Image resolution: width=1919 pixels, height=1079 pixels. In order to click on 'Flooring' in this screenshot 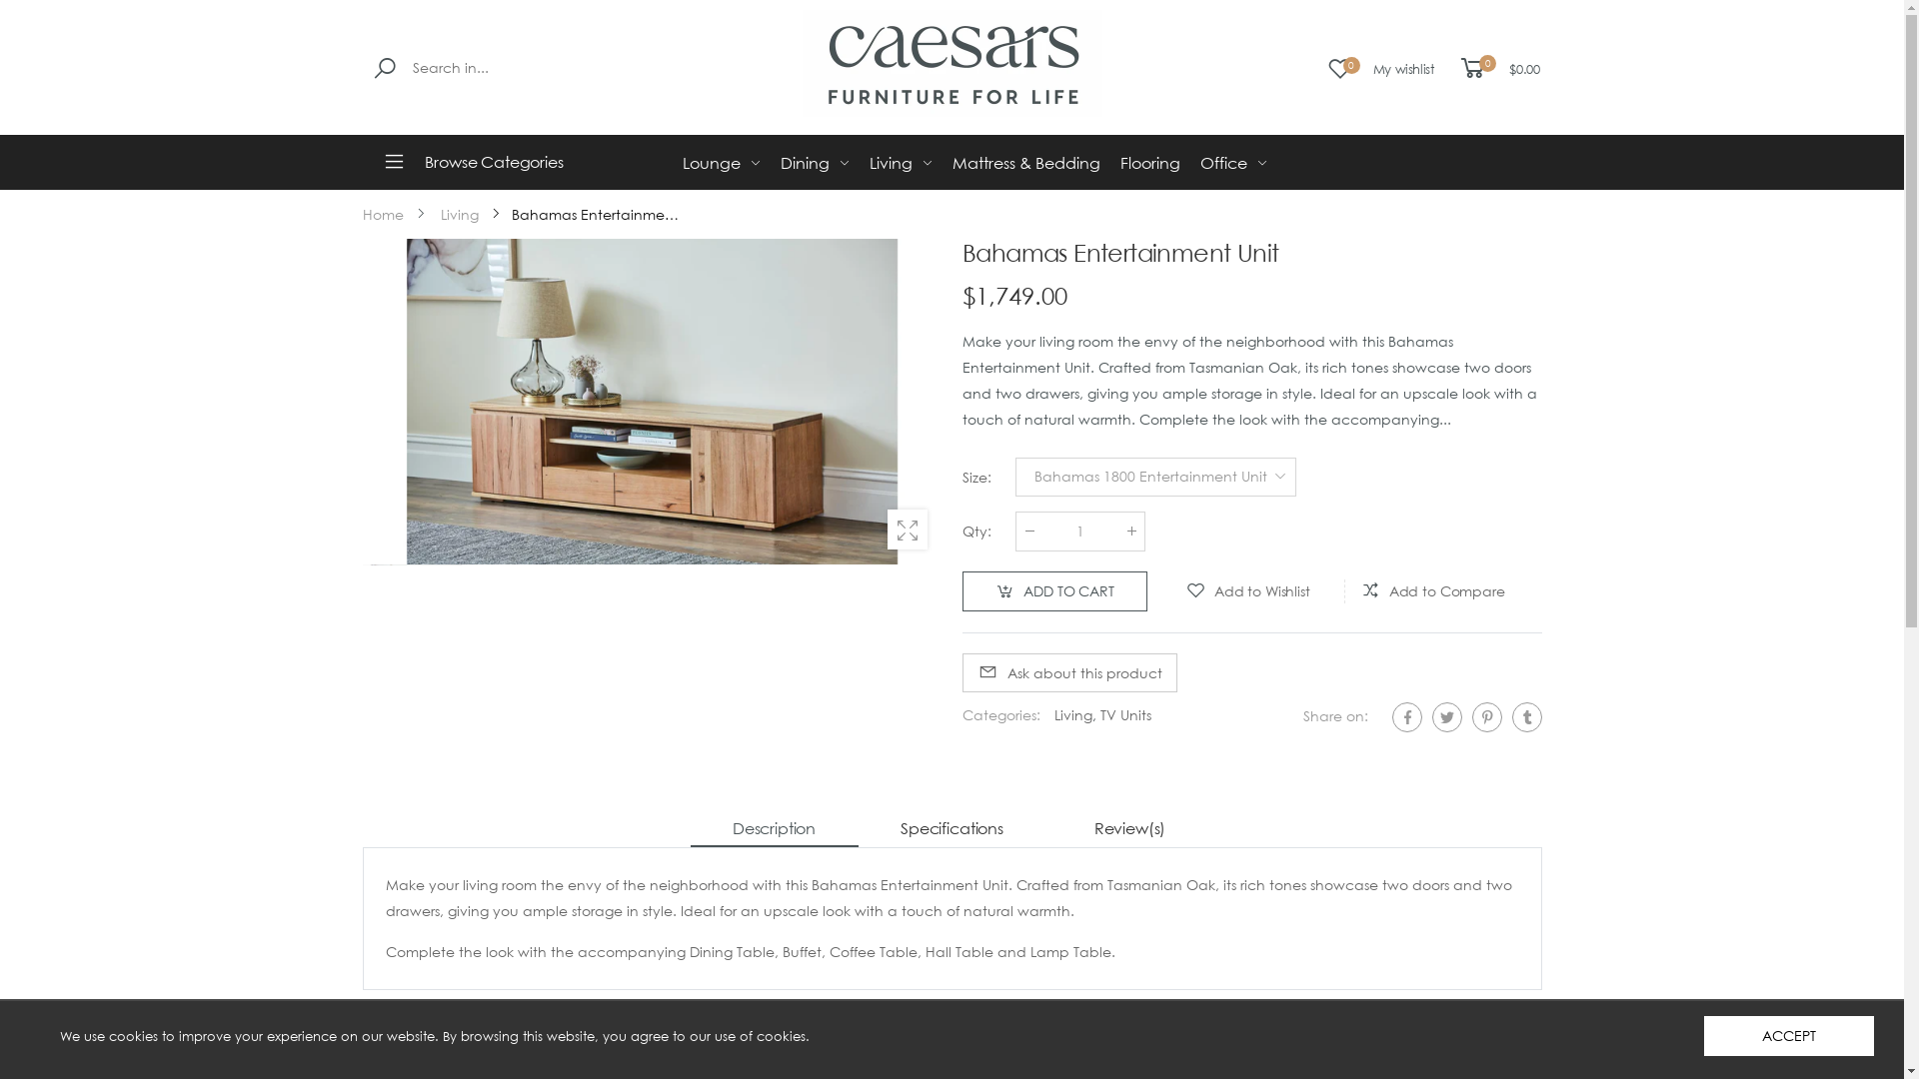, I will do `click(1117, 161)`.